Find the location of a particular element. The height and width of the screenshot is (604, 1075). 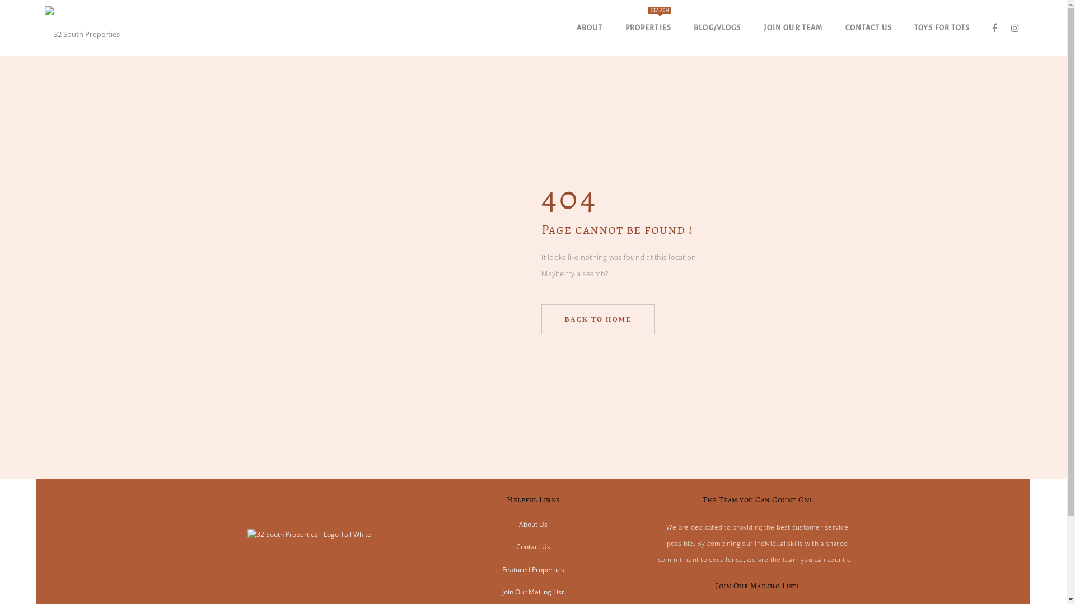

'About Us' is located at coordinates (532, 524).